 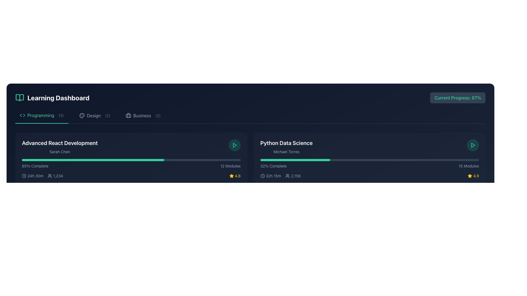 I want to click on the filled portion of the progress bar indicating 65% completion in the 'Advanced React Development' section, so click(x=93, y=160).